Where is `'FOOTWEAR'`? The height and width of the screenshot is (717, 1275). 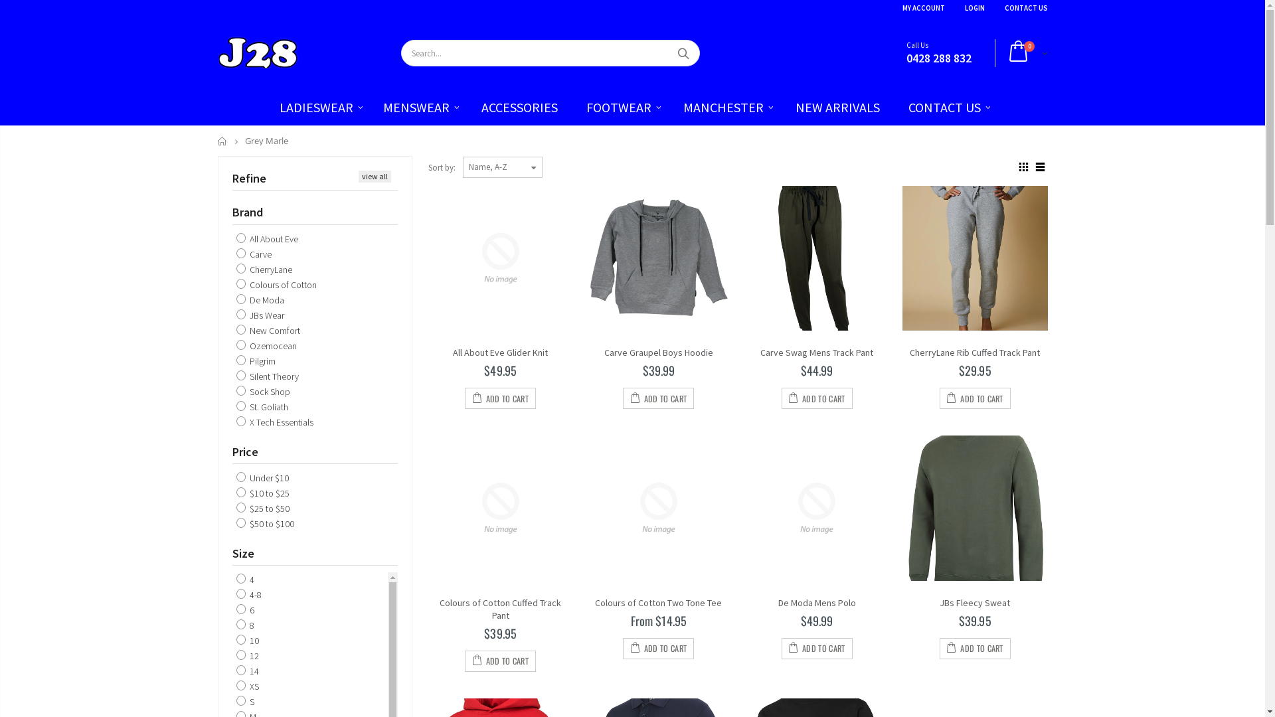
'FOOTWEAR' is located at coordinates (572, 107).